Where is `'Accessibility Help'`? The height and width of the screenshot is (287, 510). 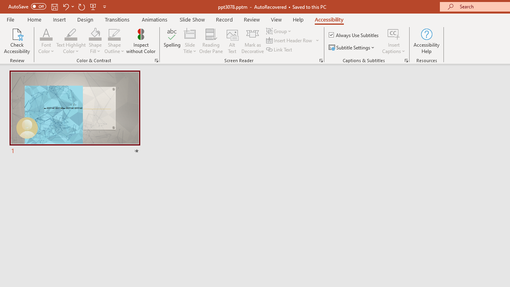 'Accessibility Help' is located at coordinates (426, 41).